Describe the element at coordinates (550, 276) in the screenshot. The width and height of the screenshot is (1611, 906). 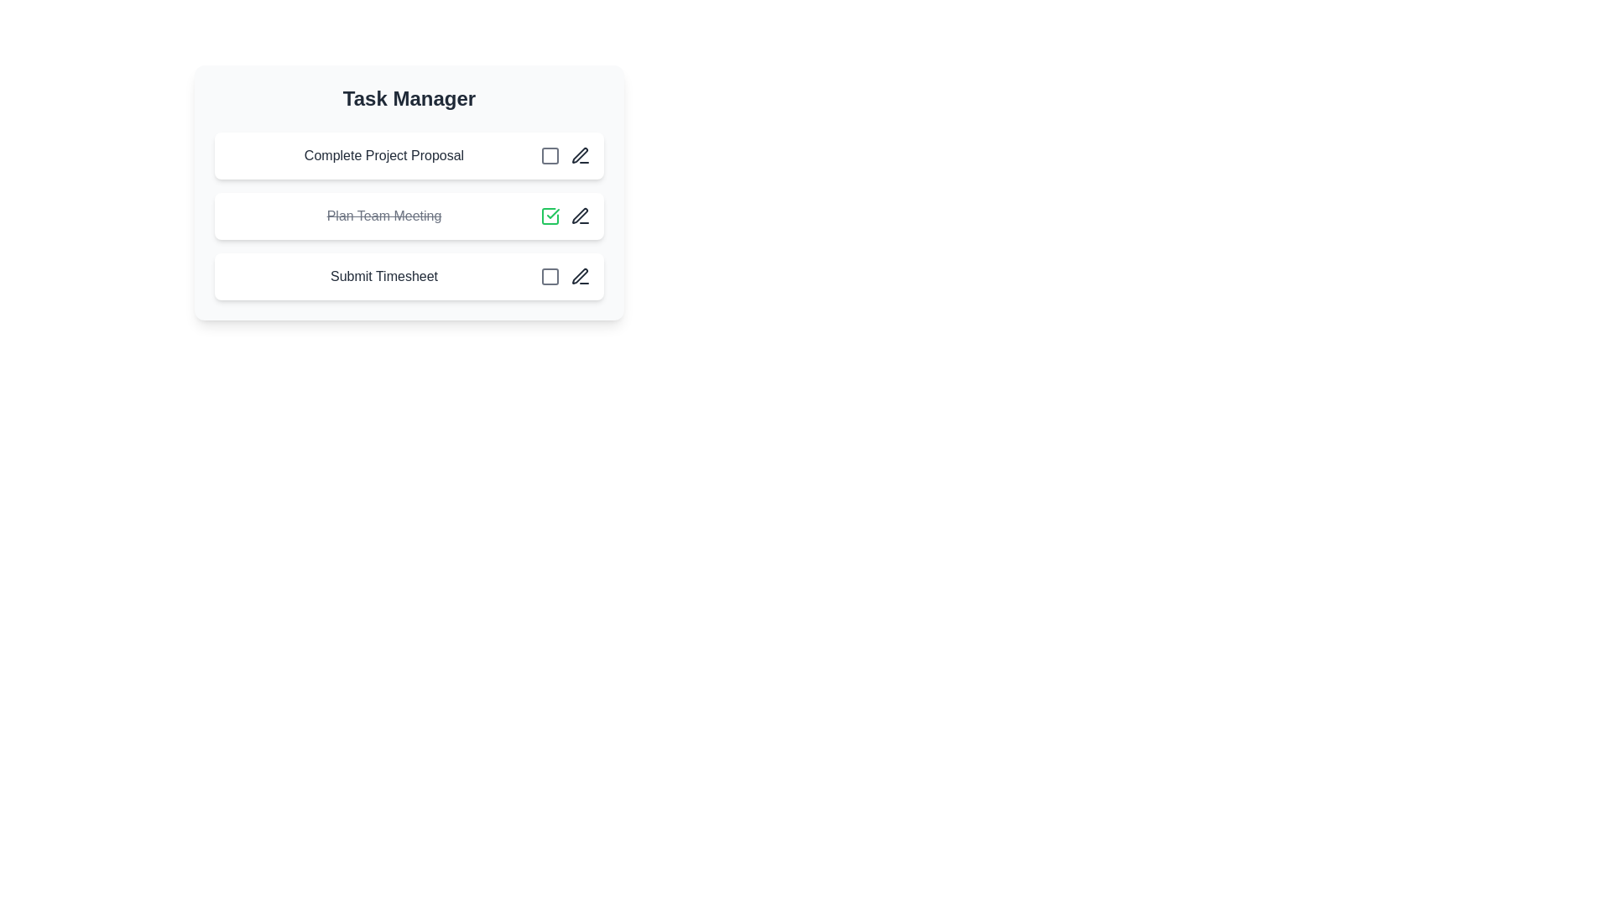
I see `the small square icon with rounded edges located inside the 'Submit Timesheet' task row, on the right-hand side` at that location.